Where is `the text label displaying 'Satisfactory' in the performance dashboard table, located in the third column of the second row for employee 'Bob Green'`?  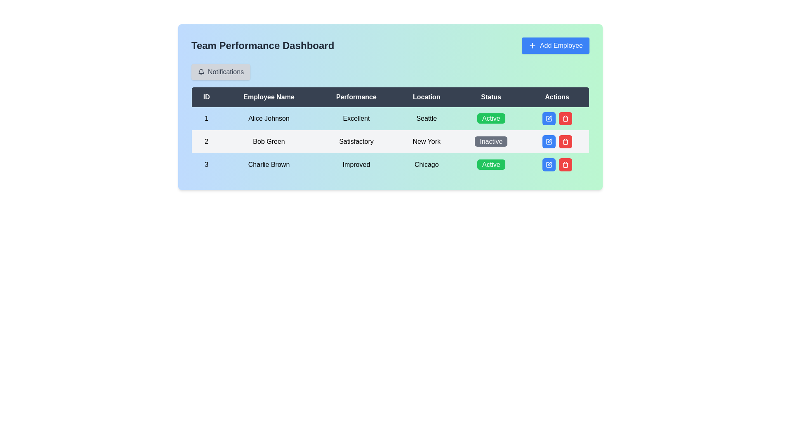 the text label displaying 'Satisfactory' in the performance dashboard table, located in the third column of the second row for employee 'Bob Green' is located at coordinates (356, 141).